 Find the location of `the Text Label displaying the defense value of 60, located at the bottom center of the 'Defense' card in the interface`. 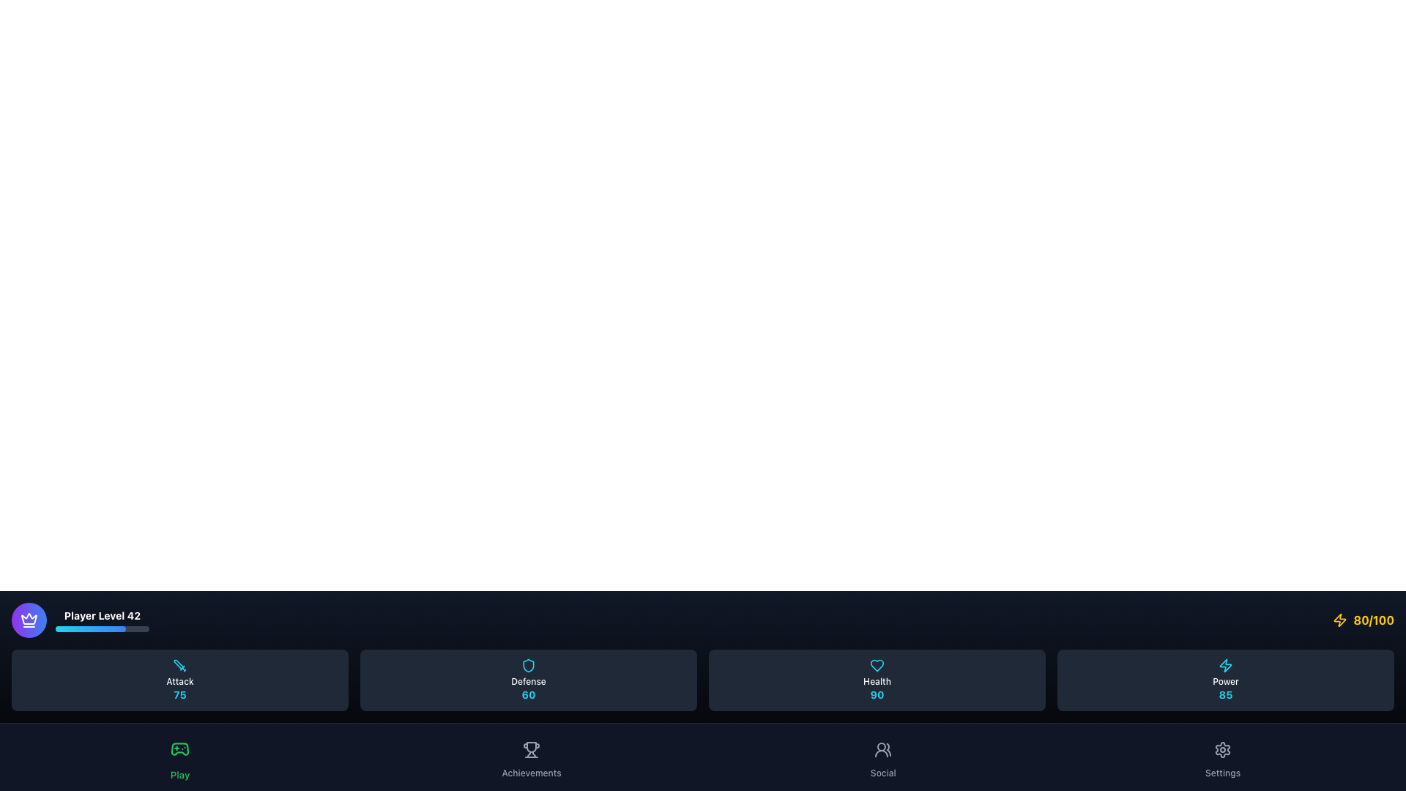

the Text Label displaying the defense value of 60, located at the bottom center of the 'Defense' card in the interface is located at coordinates (527, 694).